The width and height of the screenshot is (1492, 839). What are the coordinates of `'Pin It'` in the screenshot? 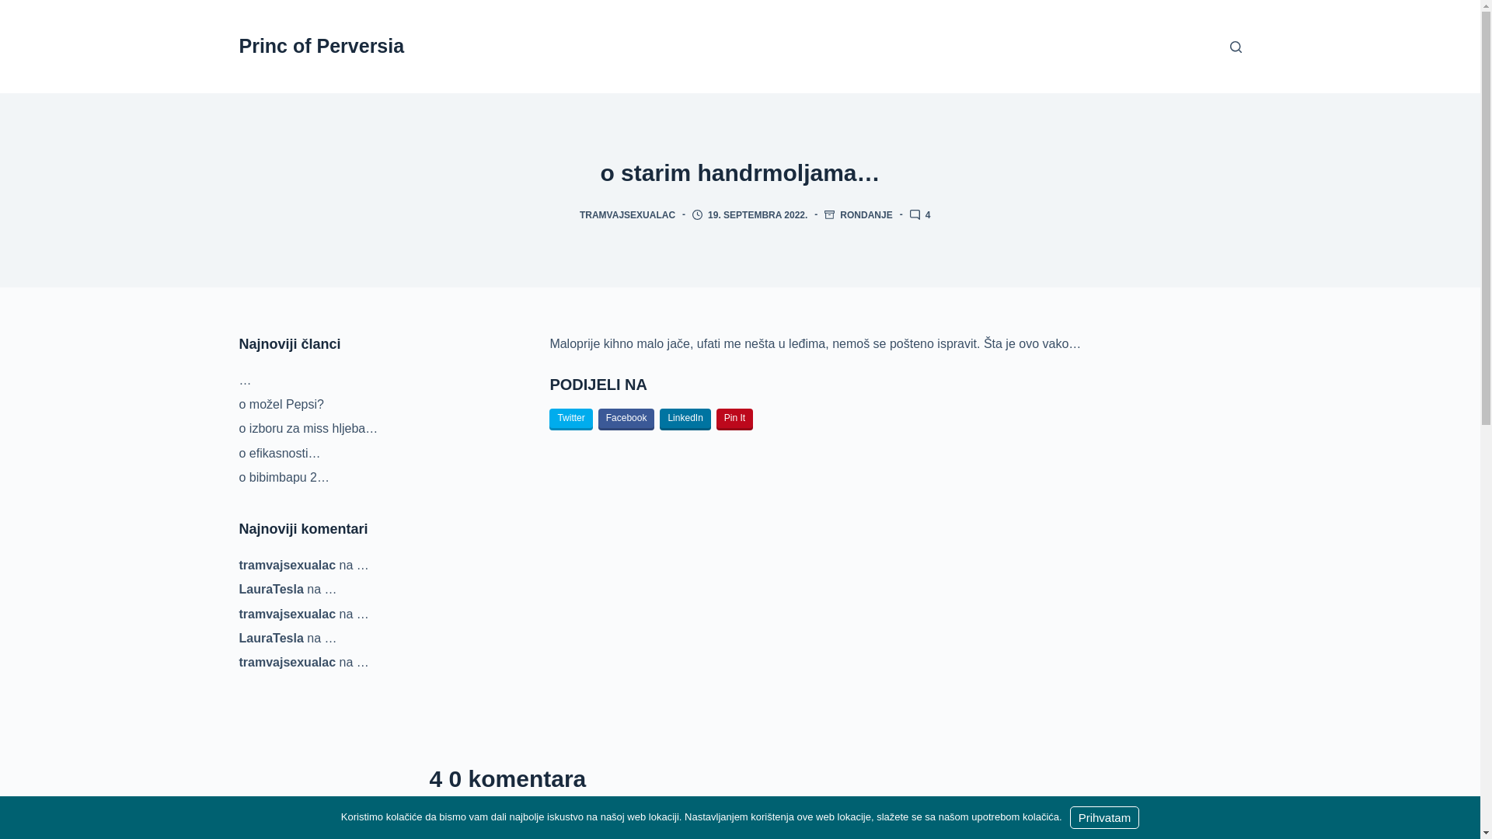 It's located at (734, 419).